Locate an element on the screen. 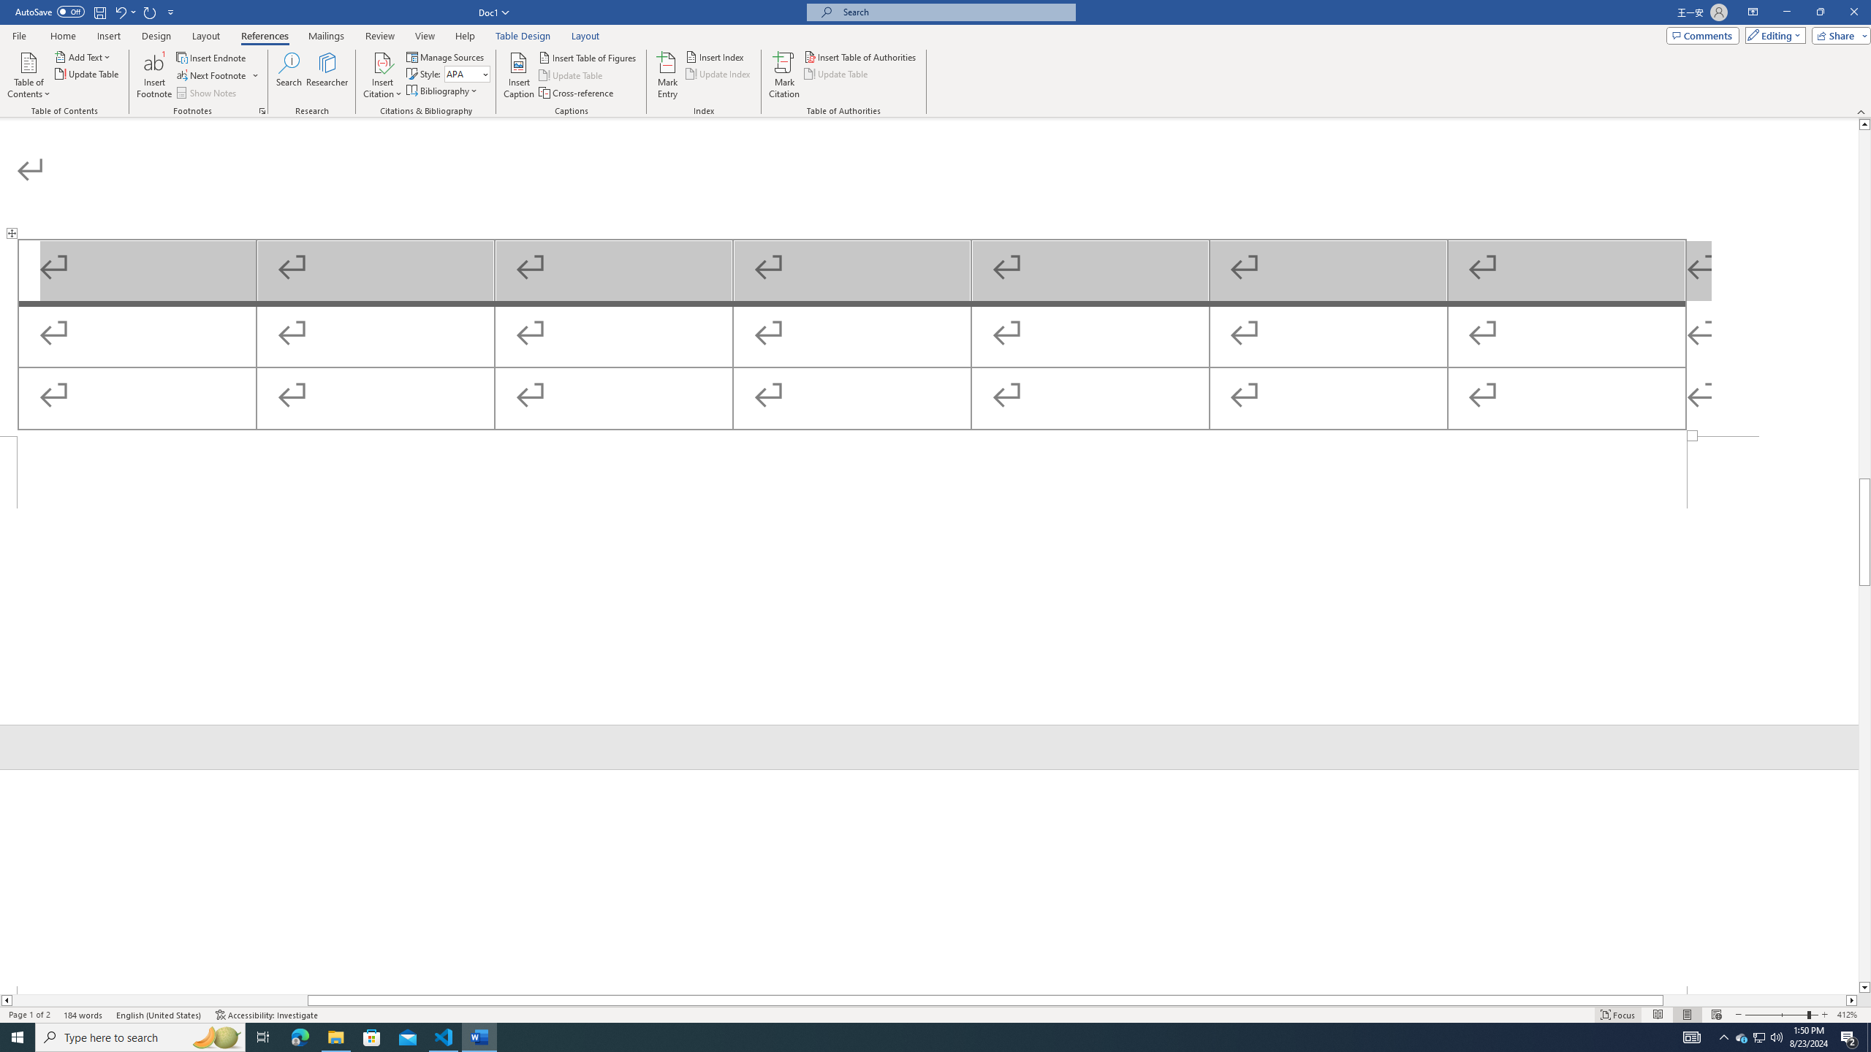 The image size is (1871, 1052). 'Insert Citation' is located at coordinates (382, 75).